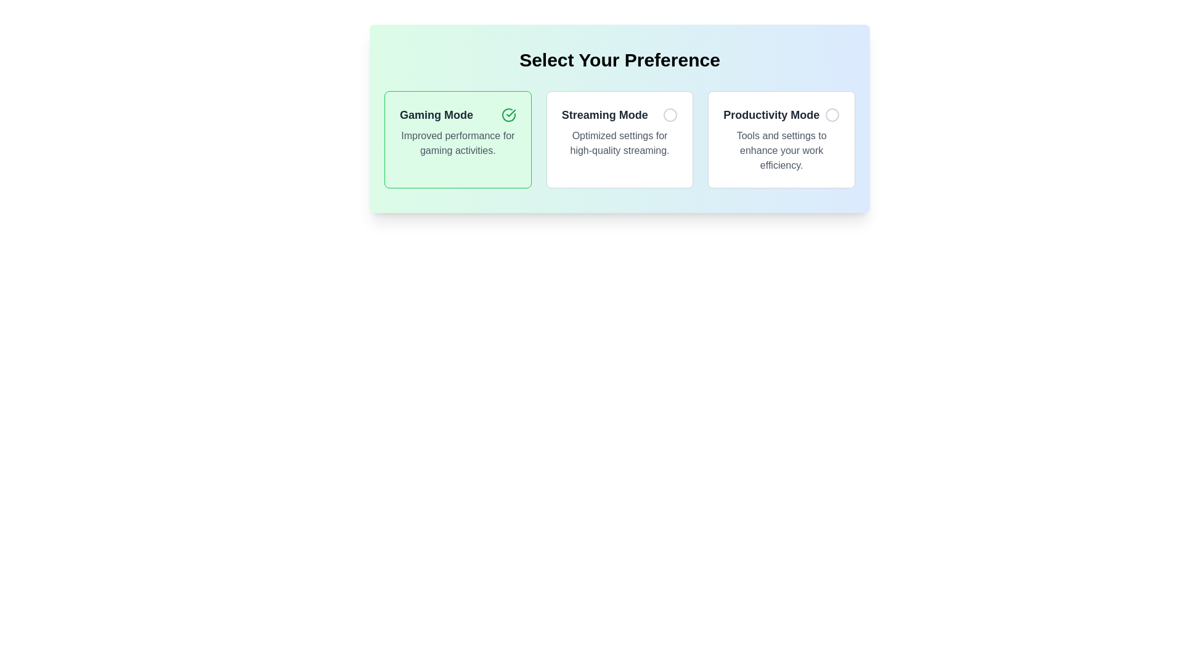 The height and width of the screenshot is (665, 1183). Describe the element at coordinates (670, 115) in the screenshot. I see `the Streaming Mode icon, which indicates selection or availability for the Streaming Mode setting, located to the right of the section title 'Streaming Mode'` at that location.